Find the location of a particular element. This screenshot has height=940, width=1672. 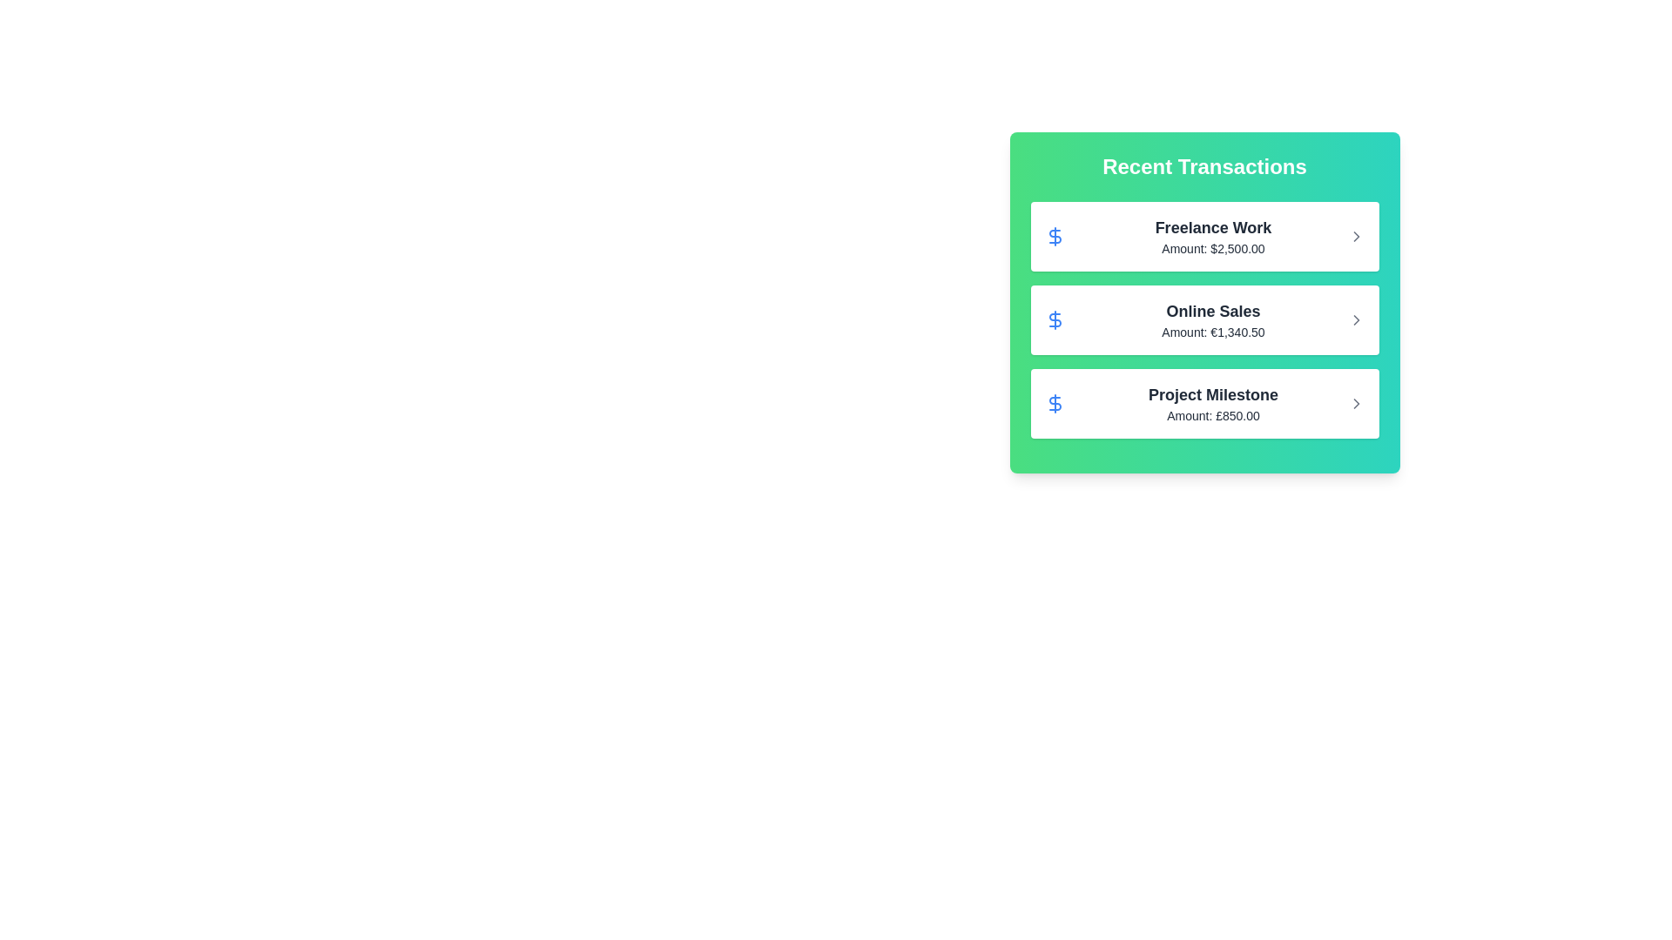

the icons contained within the 'Online Sales' Information card, which summarizes a transaction of €1,340.50, located in the green 'Recent Transactions' panel as the second card in the vertical list is located at coordinates (1203, 319).